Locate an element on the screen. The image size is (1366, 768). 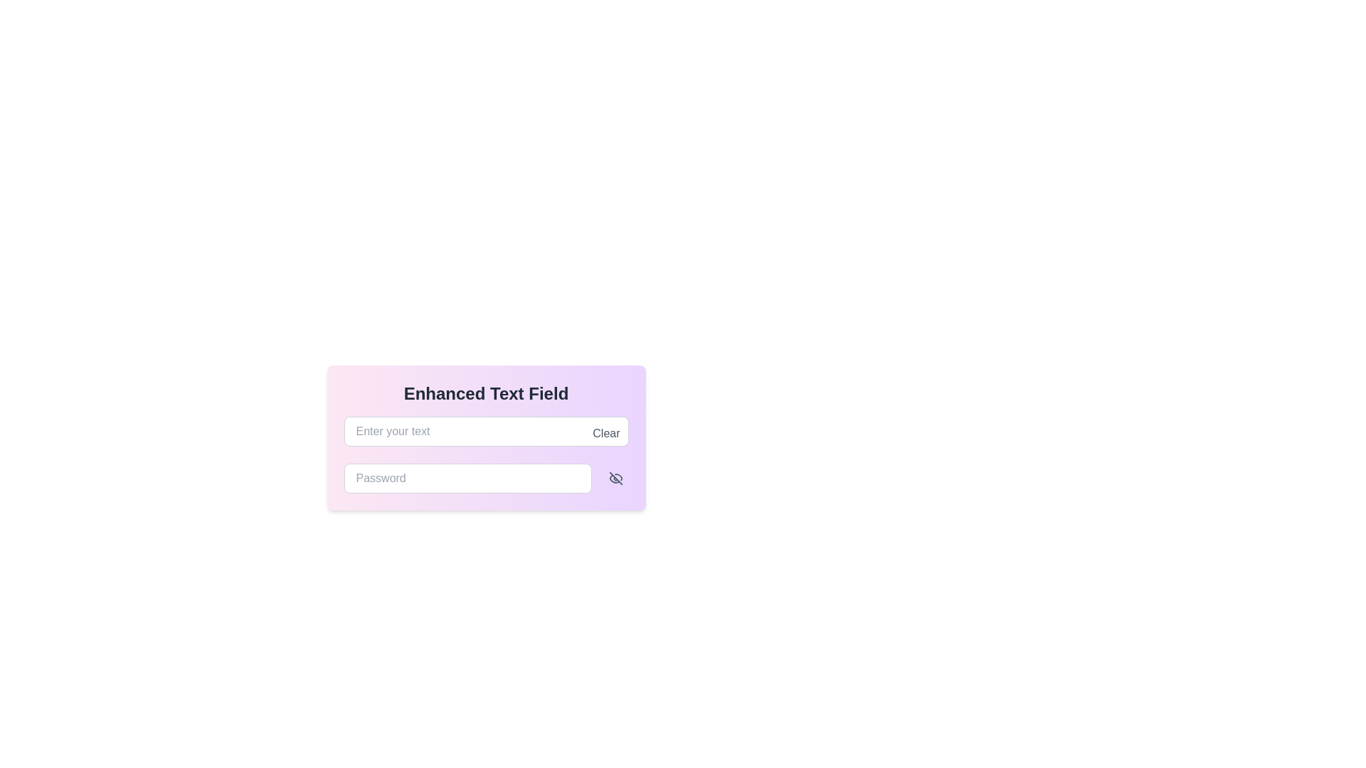
the visibility toggle icon, which is an SVG icon resembling a diagonal line passing through an eye, located near the bottom-right corner of the password input field is located at coordinates (615, 478).